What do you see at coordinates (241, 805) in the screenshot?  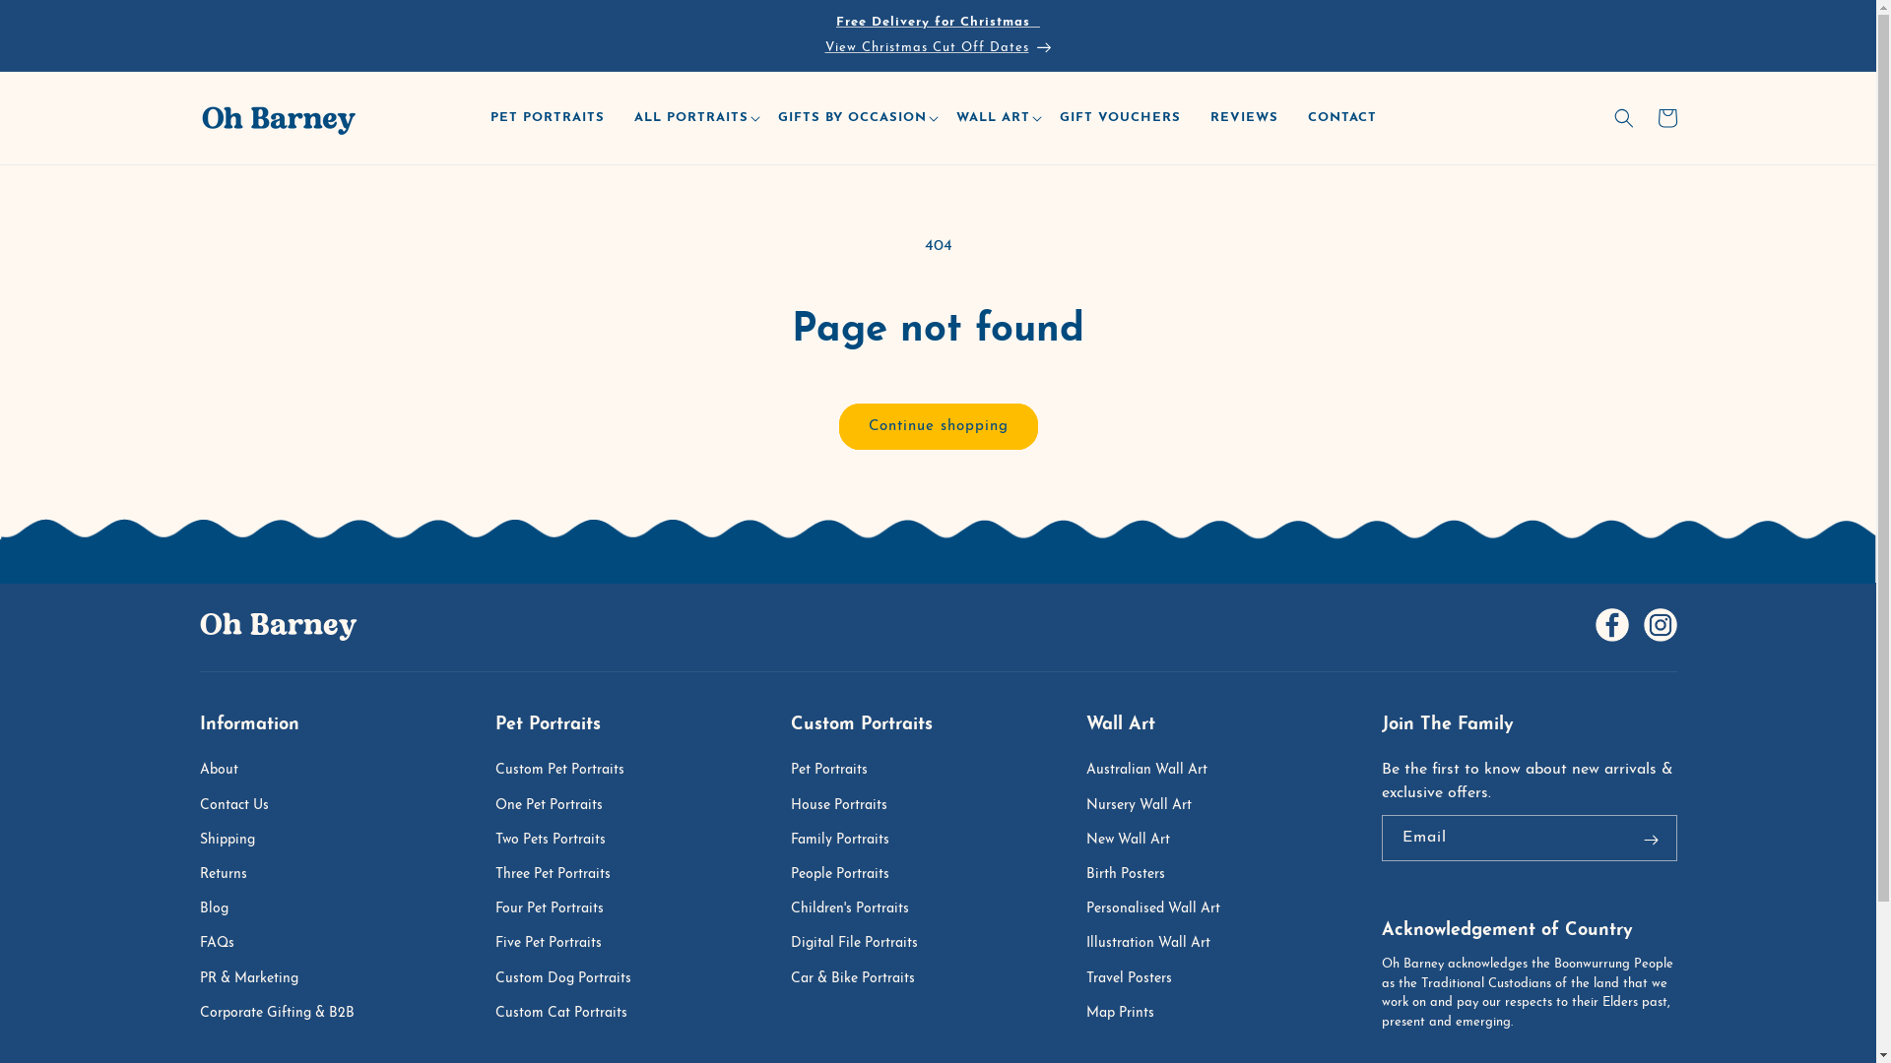 I see `'Contact Us'` at bounding box center [241, 805].